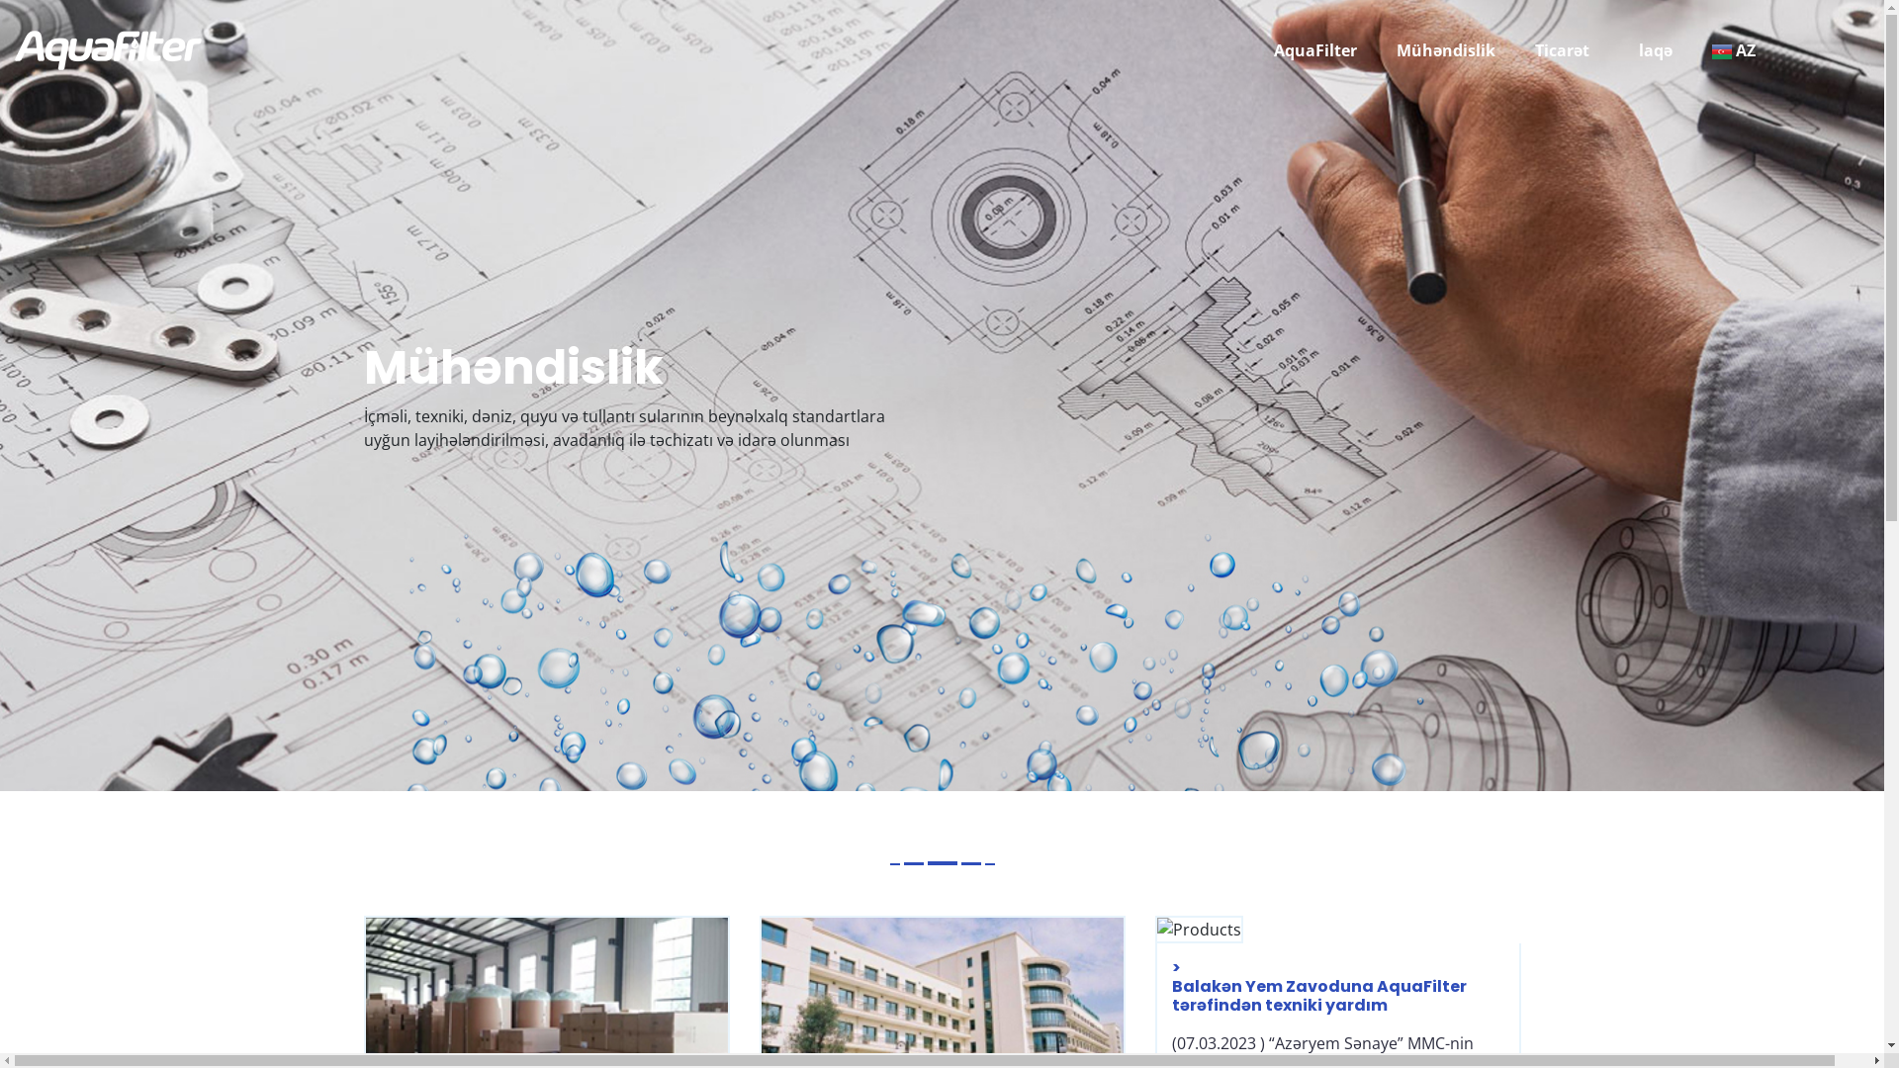 The image size is (1899, 1068). Describe the element at coordinates (1711, 48) in the screenshot. I see `'AZ'` at that location.